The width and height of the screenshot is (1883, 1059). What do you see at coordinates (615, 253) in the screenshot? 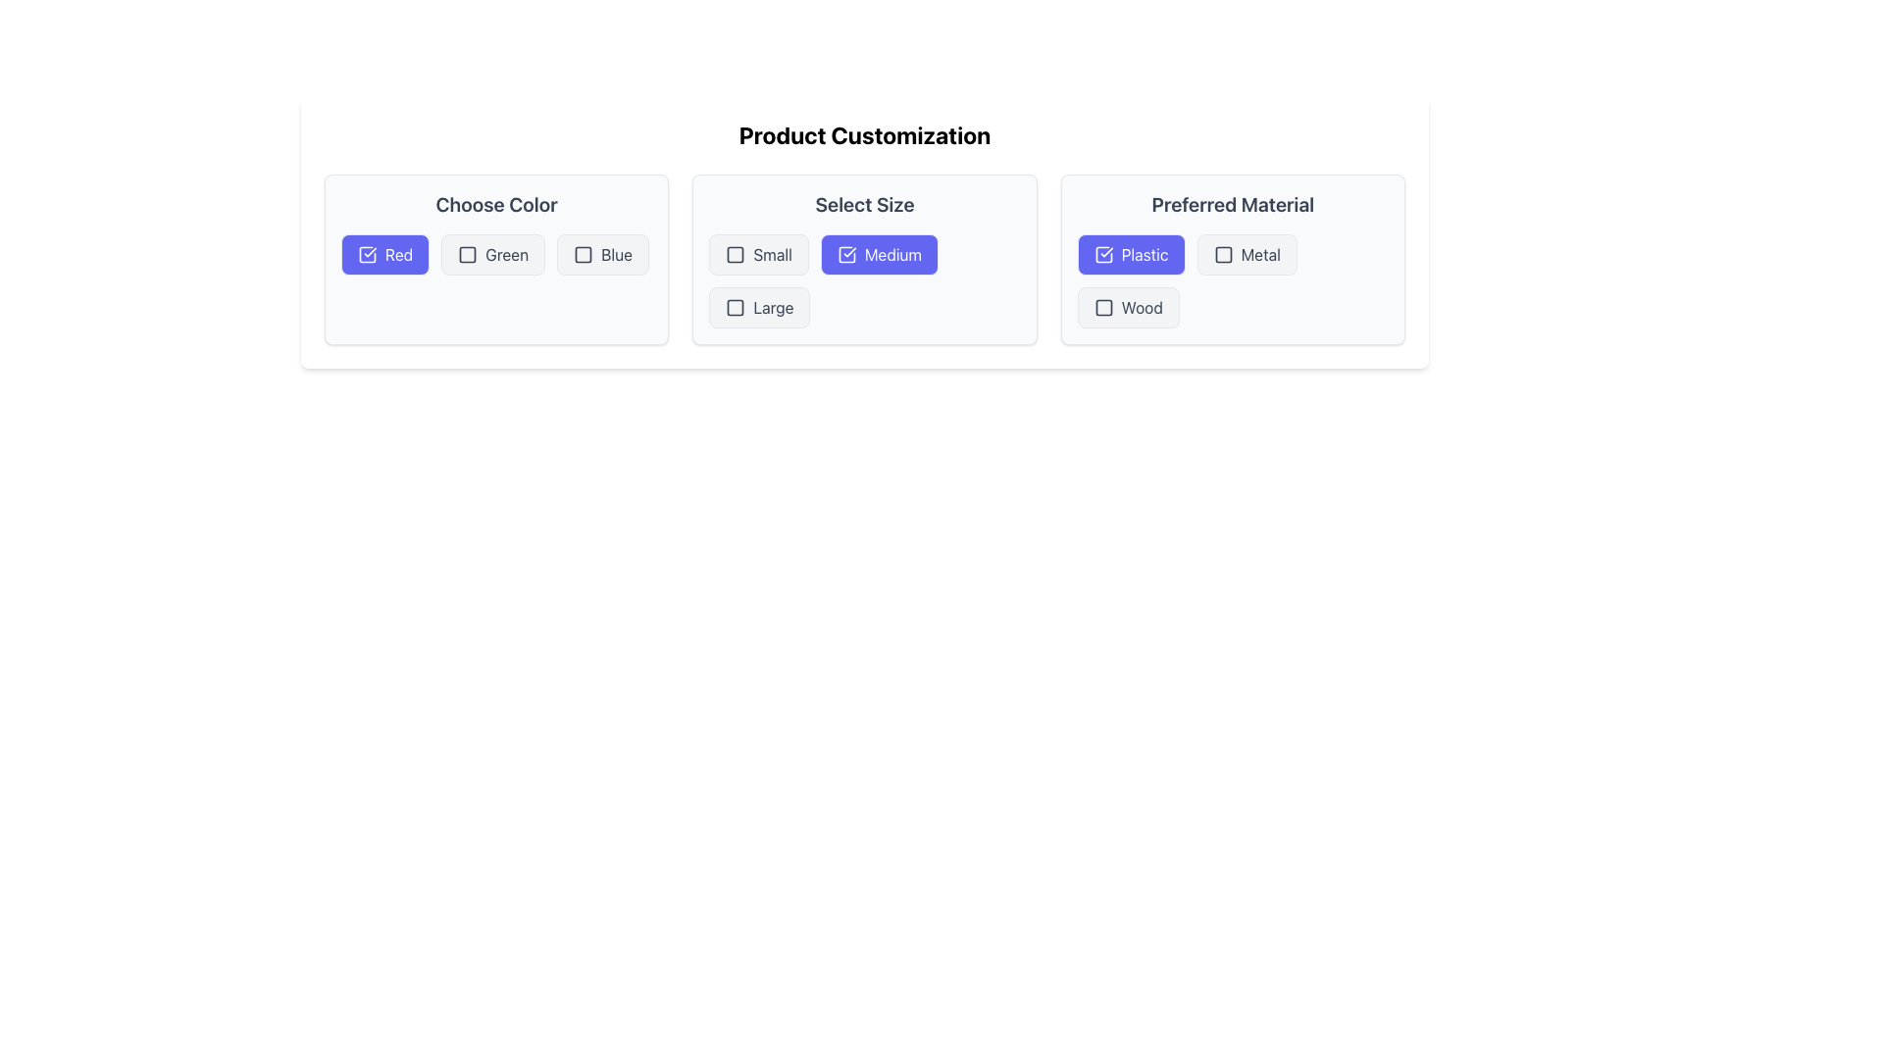
I see `text label displaying 'Blue' within the 'Choose Color' UI component, which is the rightmost color option` at bounding box center [615, 253].